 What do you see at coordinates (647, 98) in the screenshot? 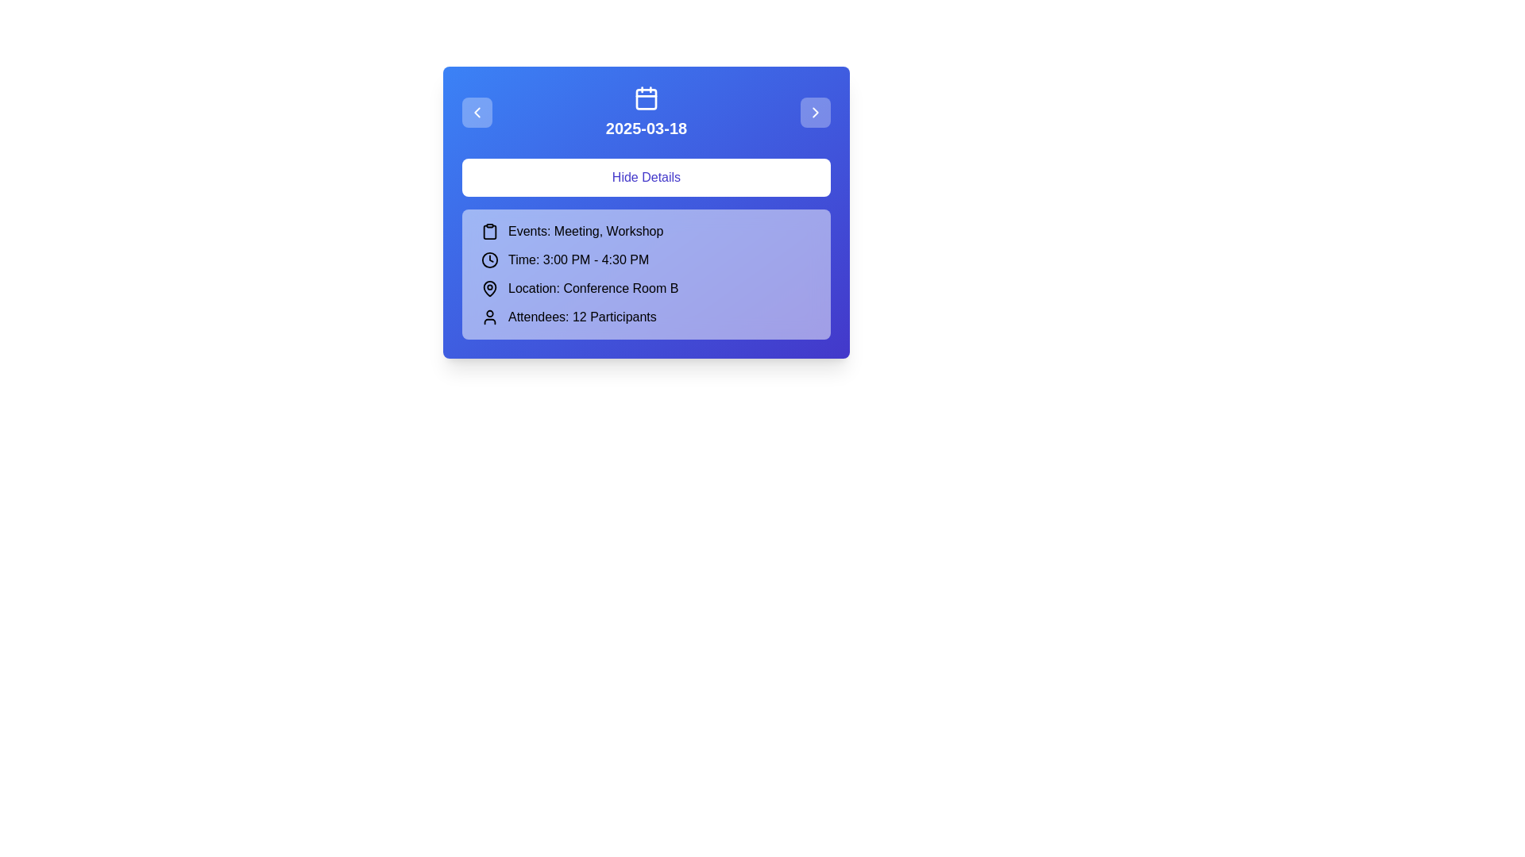
I see `the calendar icon located in the blue header section, positioned above the date text '2025-03-18'` at bounding box center [647, 98].